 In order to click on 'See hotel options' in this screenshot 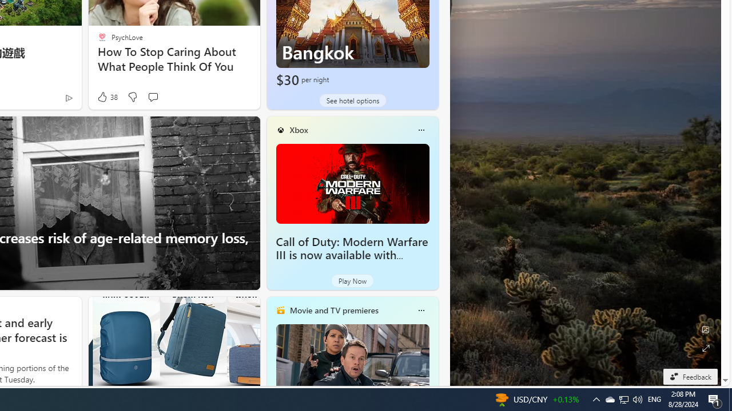, I will do `click(352, 100)`.